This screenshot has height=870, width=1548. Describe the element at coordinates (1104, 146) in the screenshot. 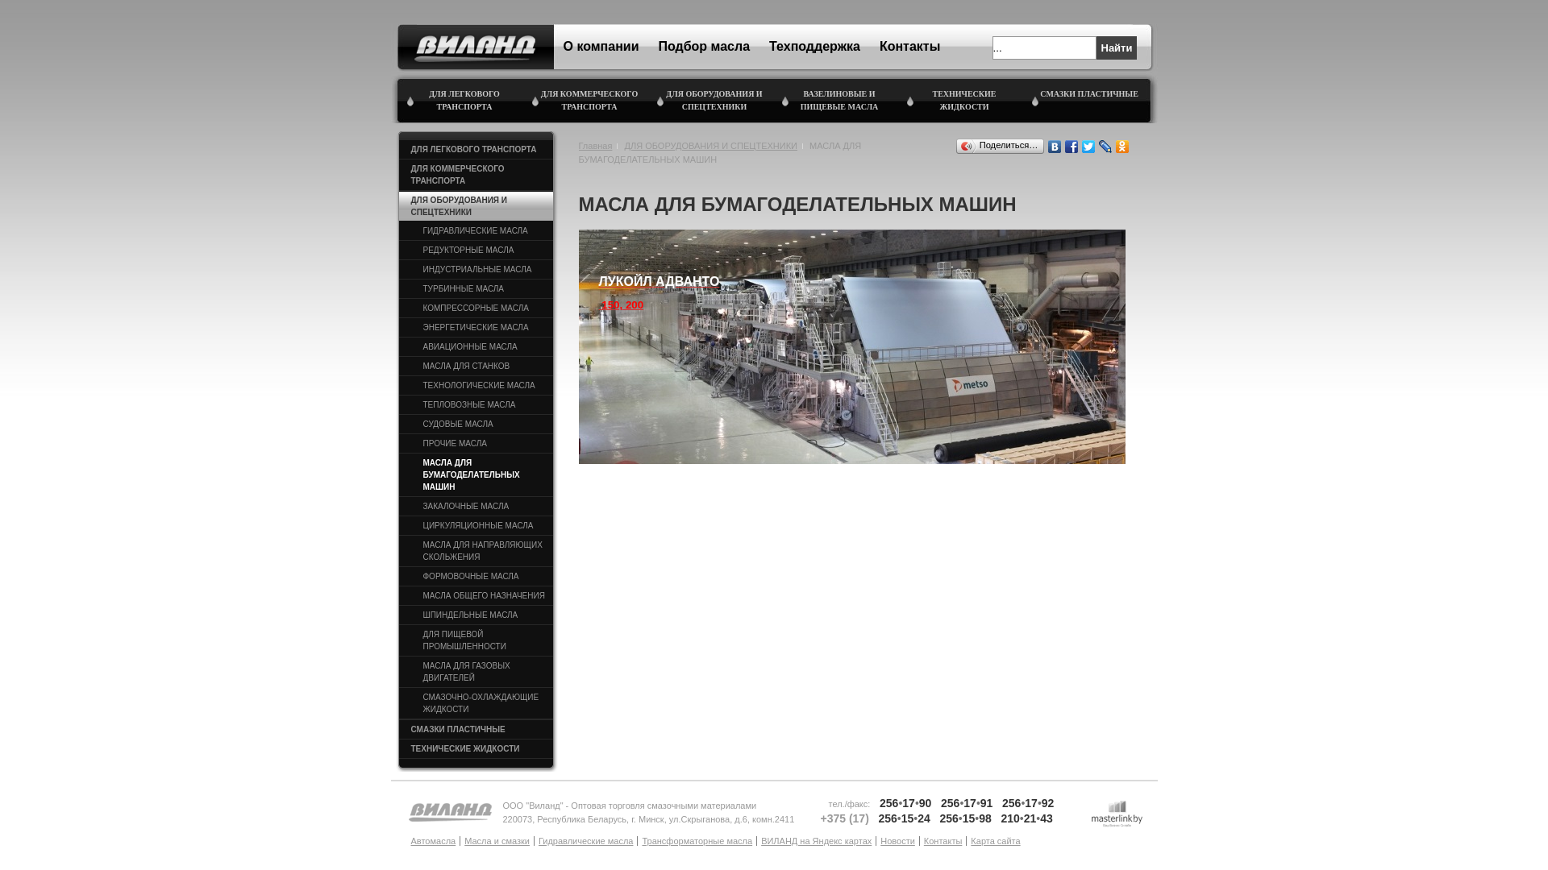

I see `'LiveJournal'` at that location.